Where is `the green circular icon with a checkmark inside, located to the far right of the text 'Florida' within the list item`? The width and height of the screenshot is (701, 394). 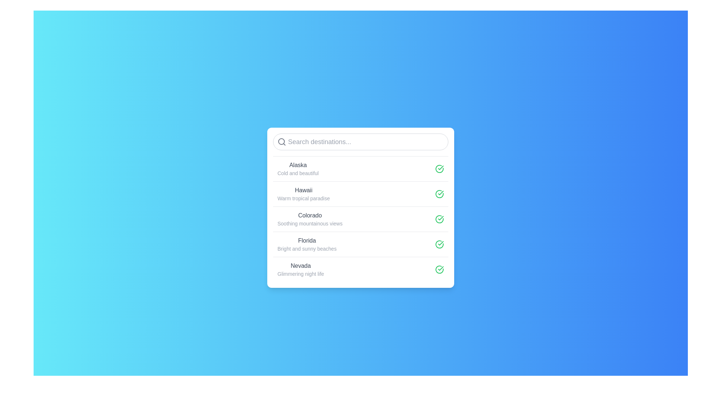 the green circular icon with a checkmark inside, located to the far right of the text 'Florida' within the list item is located at coordinates (439, 244).